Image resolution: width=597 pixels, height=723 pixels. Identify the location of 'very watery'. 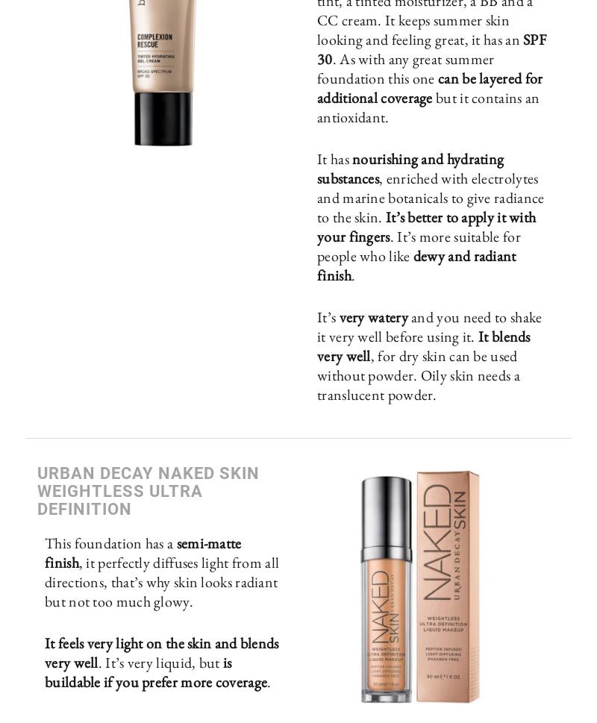
(374, 316).